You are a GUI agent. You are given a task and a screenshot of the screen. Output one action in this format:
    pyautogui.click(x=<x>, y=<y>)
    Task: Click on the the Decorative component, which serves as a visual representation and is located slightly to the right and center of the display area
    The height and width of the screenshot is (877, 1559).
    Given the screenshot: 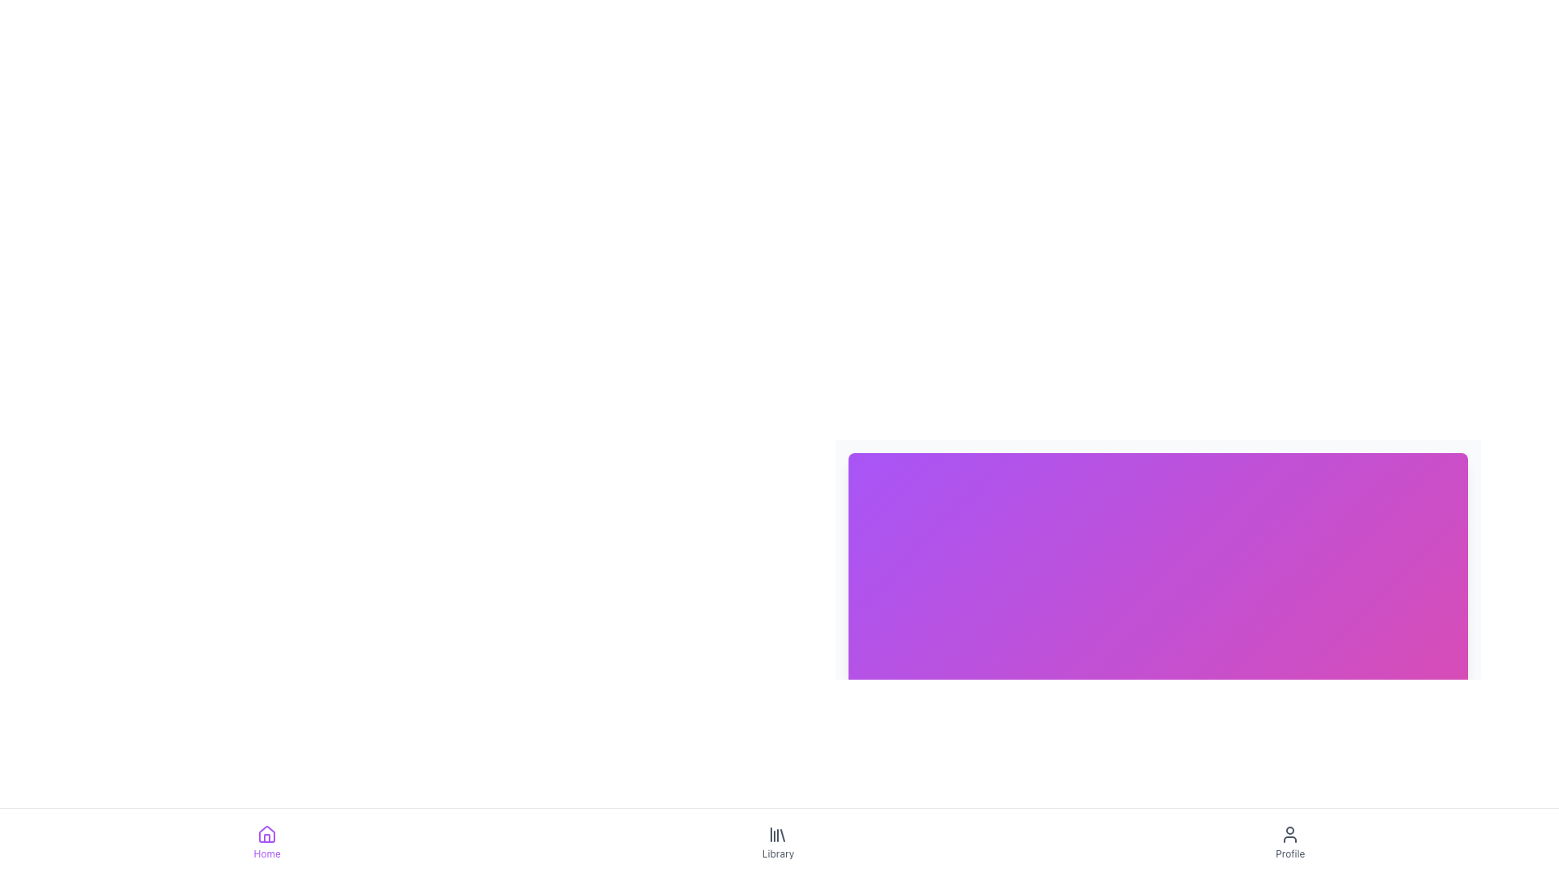 What is the action you would take?
    pyautogui.click(x=1157, y=549)
    